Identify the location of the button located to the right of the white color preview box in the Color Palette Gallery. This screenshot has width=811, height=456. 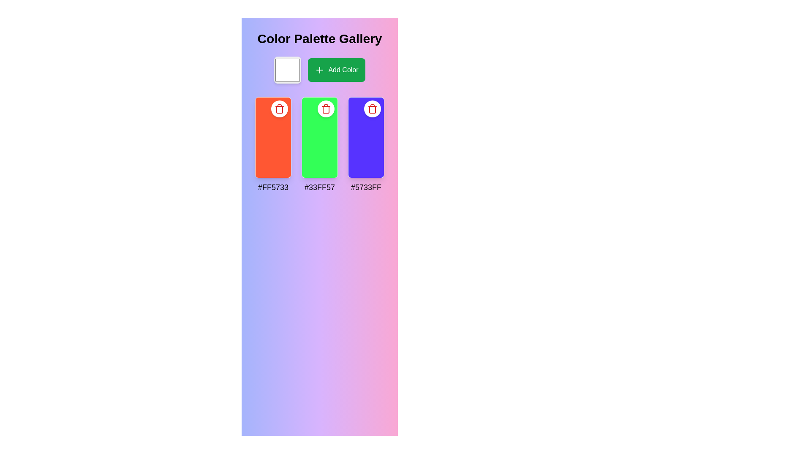
(319, 69).